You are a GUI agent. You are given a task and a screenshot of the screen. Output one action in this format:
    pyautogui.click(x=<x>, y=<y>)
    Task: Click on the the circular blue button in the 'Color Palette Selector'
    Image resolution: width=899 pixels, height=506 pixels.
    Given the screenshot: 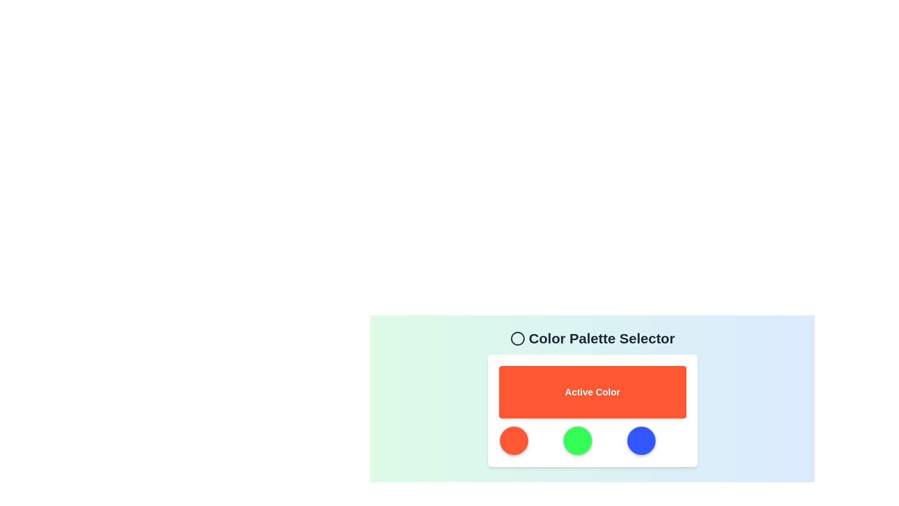 What is the action you would take?
    pyautogui.click(x=641, y=441)
    